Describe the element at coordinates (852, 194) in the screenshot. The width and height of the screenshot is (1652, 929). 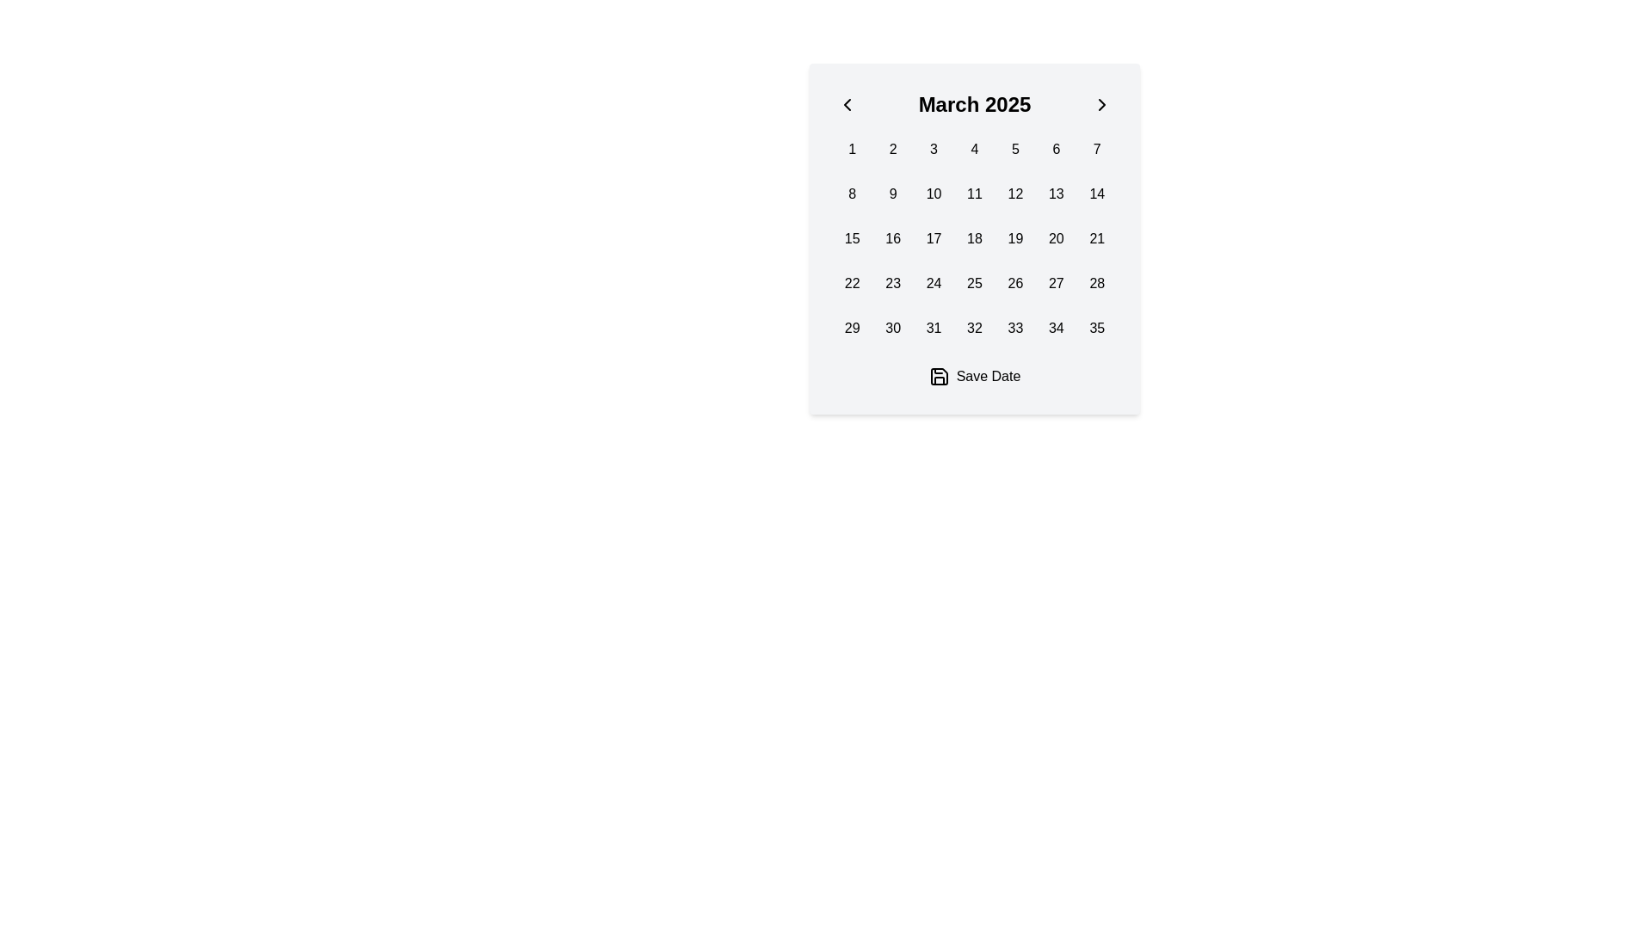
I see `the button displaying the single-digit number '8' located in the second row, first column of the grid in the calendar component` at that location.